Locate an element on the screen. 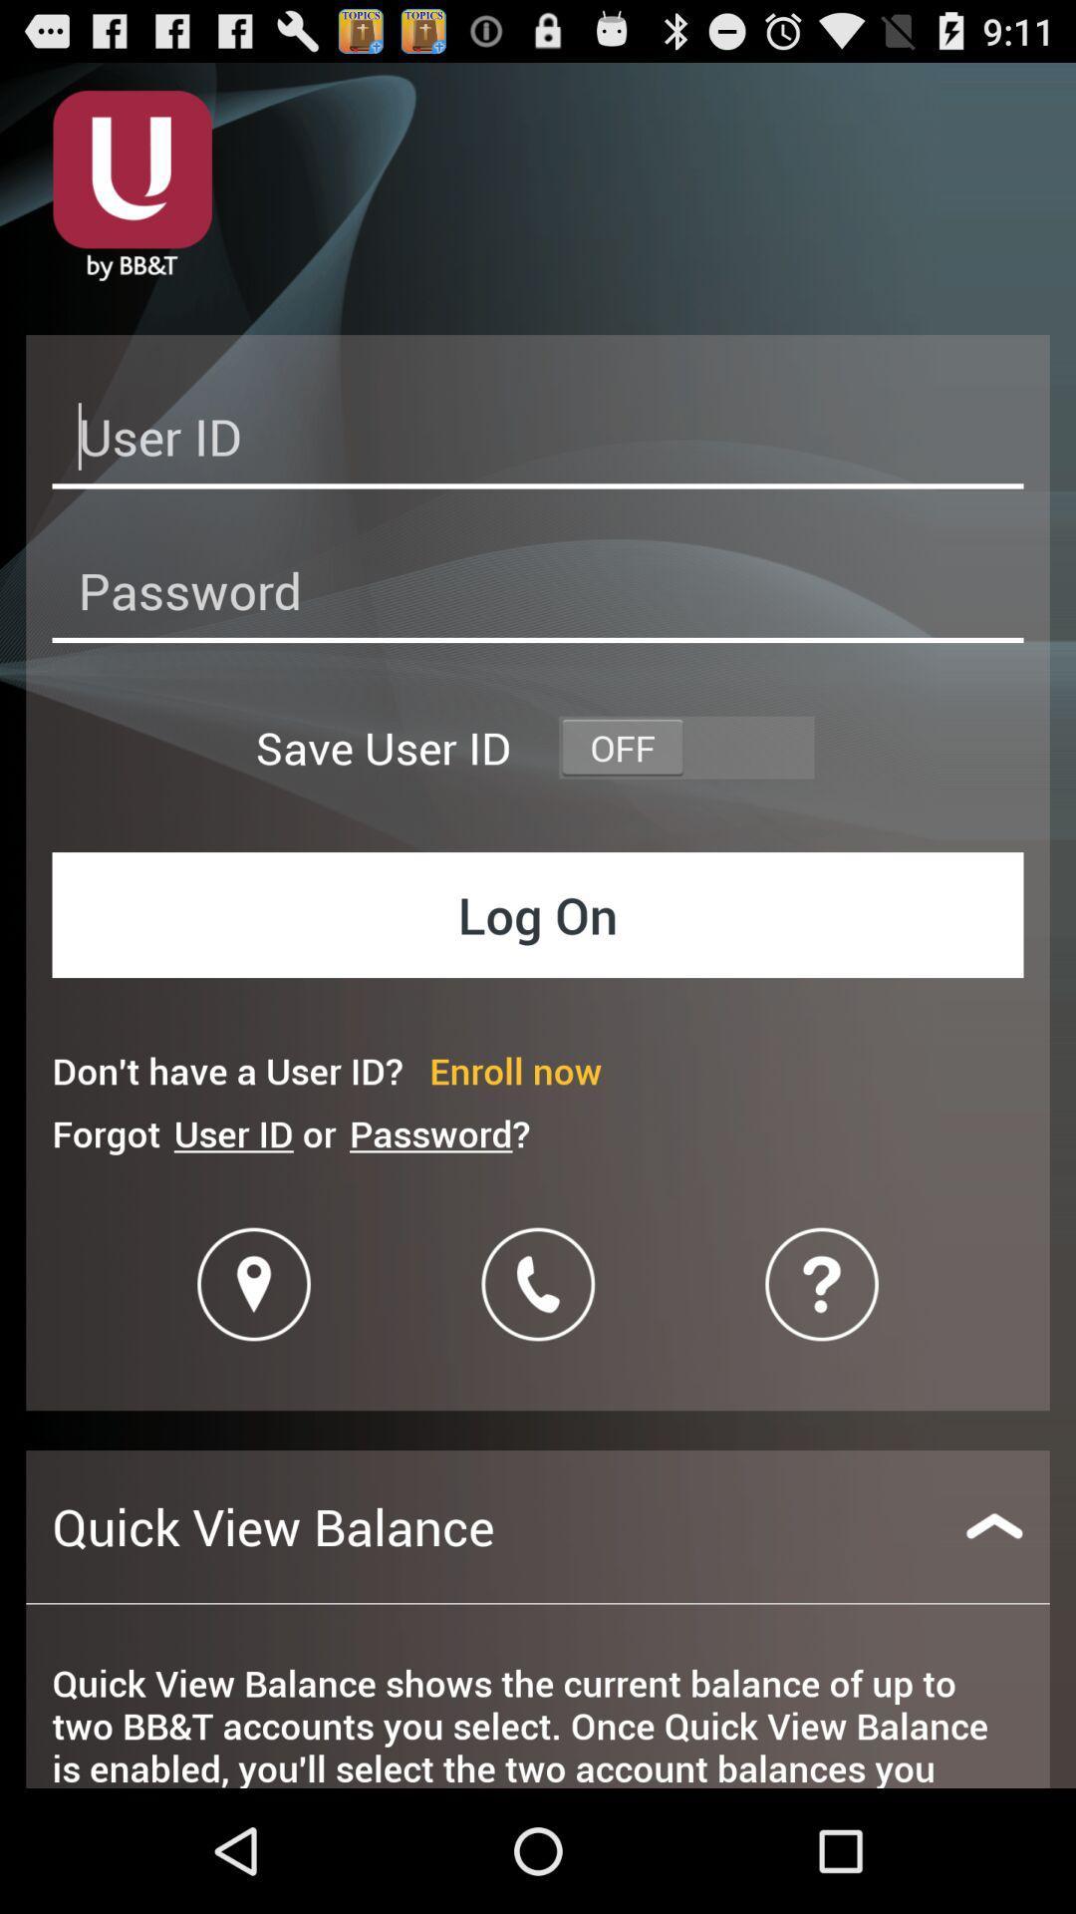 This screenshot has height=1914, width=1076. icon below don t have is located at coordinates (438, 1133).